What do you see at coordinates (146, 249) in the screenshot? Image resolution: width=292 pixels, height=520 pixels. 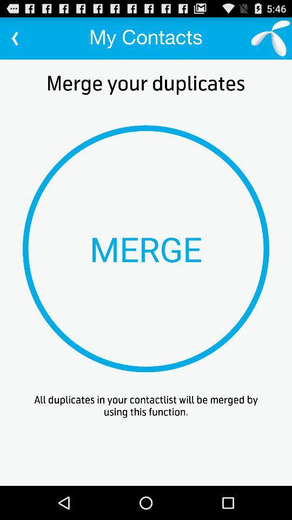 I see `proceed with merging` at bounding box center [146, 249].